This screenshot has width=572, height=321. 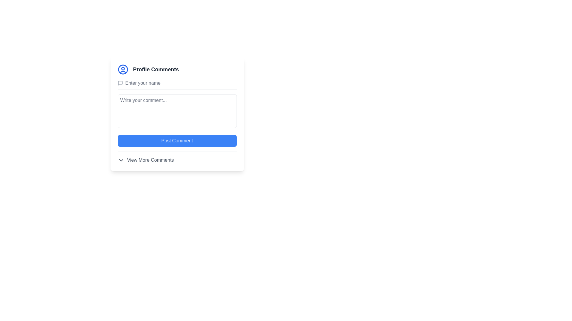 I want to click on inner circular SVG element situated at the top of the user icon, which represents the head of a human figure, so click(x=122, y=68).